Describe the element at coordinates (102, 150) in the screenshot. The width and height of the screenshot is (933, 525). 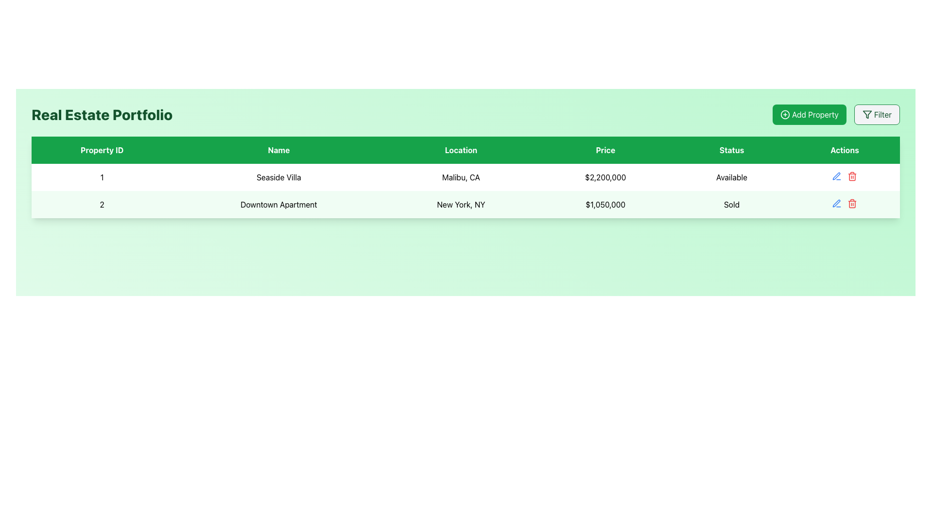
I see `text content of the 'Property ID' column header, which is the first header in the table located at the top left section among headers like 'Name', 'Location', 'Price', 'Status', and 'Actions'` at that location.